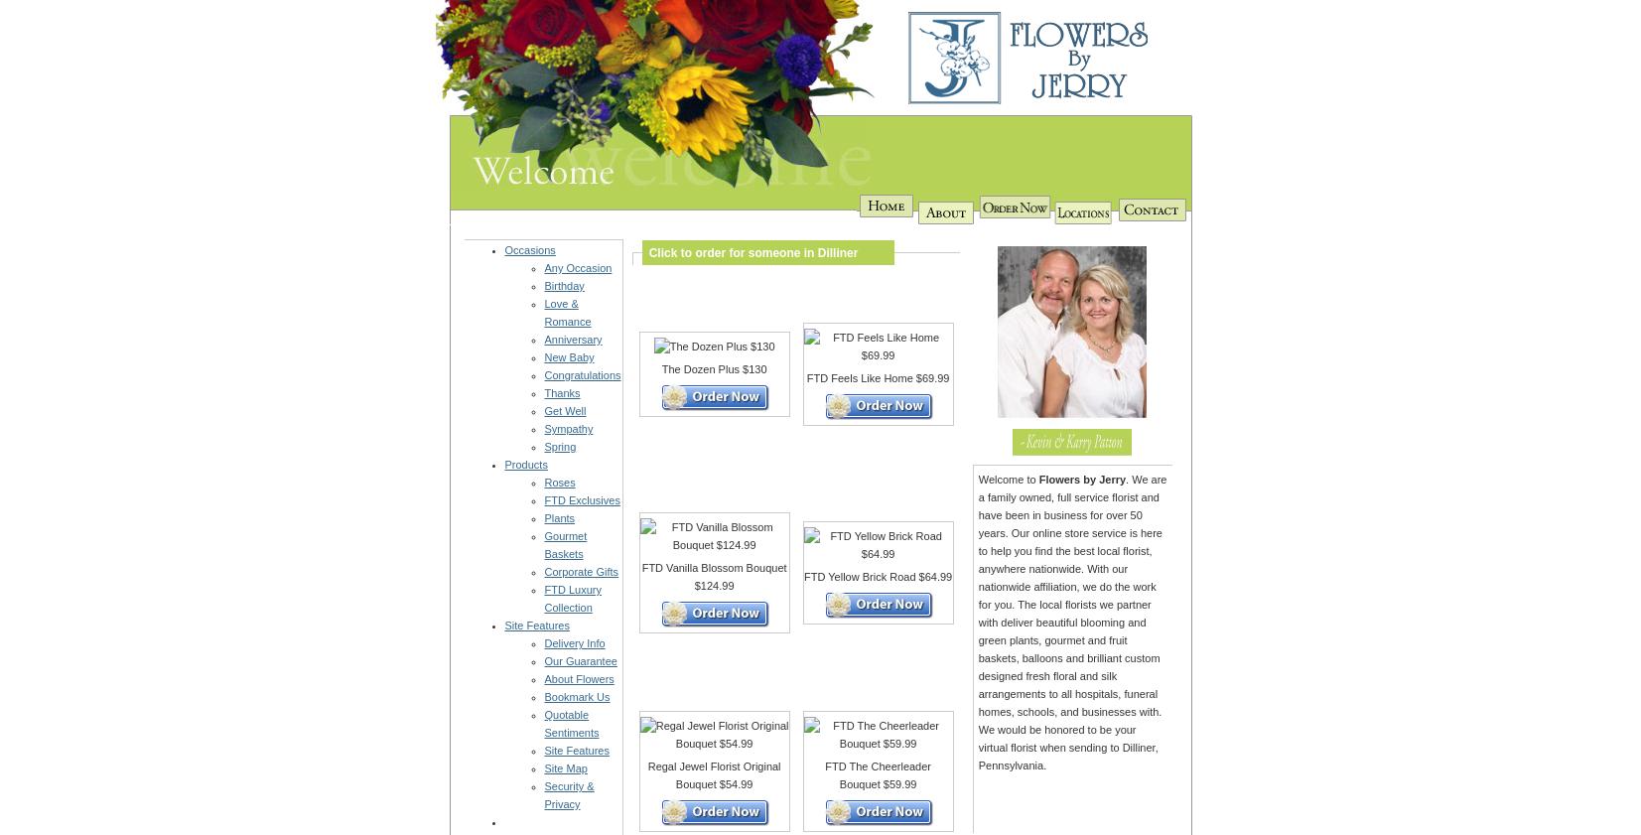  I want to click on 'Click to order for someone in Dilliner', so click(749, 250).